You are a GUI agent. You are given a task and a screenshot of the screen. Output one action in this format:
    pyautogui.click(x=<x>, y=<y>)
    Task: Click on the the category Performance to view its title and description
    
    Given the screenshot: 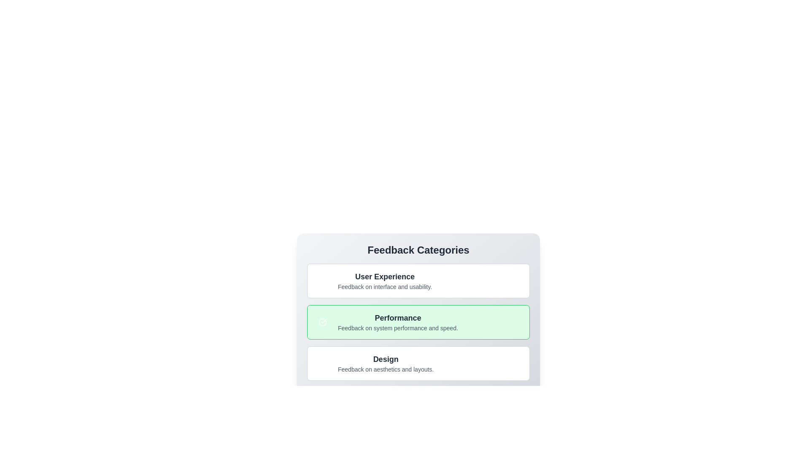 What is the action you would take?
    pyautogui.click(x=418, y=322)
    